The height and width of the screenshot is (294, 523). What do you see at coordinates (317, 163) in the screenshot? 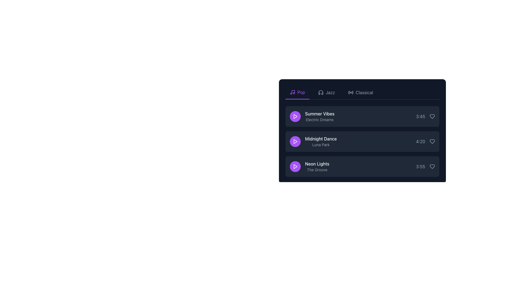
I see `text label displaying 'Neon Lights' located in the third entry of the playlist, positioned above 'The Groove' and to the right of the purple play icon` at bounding box center [317, 163].